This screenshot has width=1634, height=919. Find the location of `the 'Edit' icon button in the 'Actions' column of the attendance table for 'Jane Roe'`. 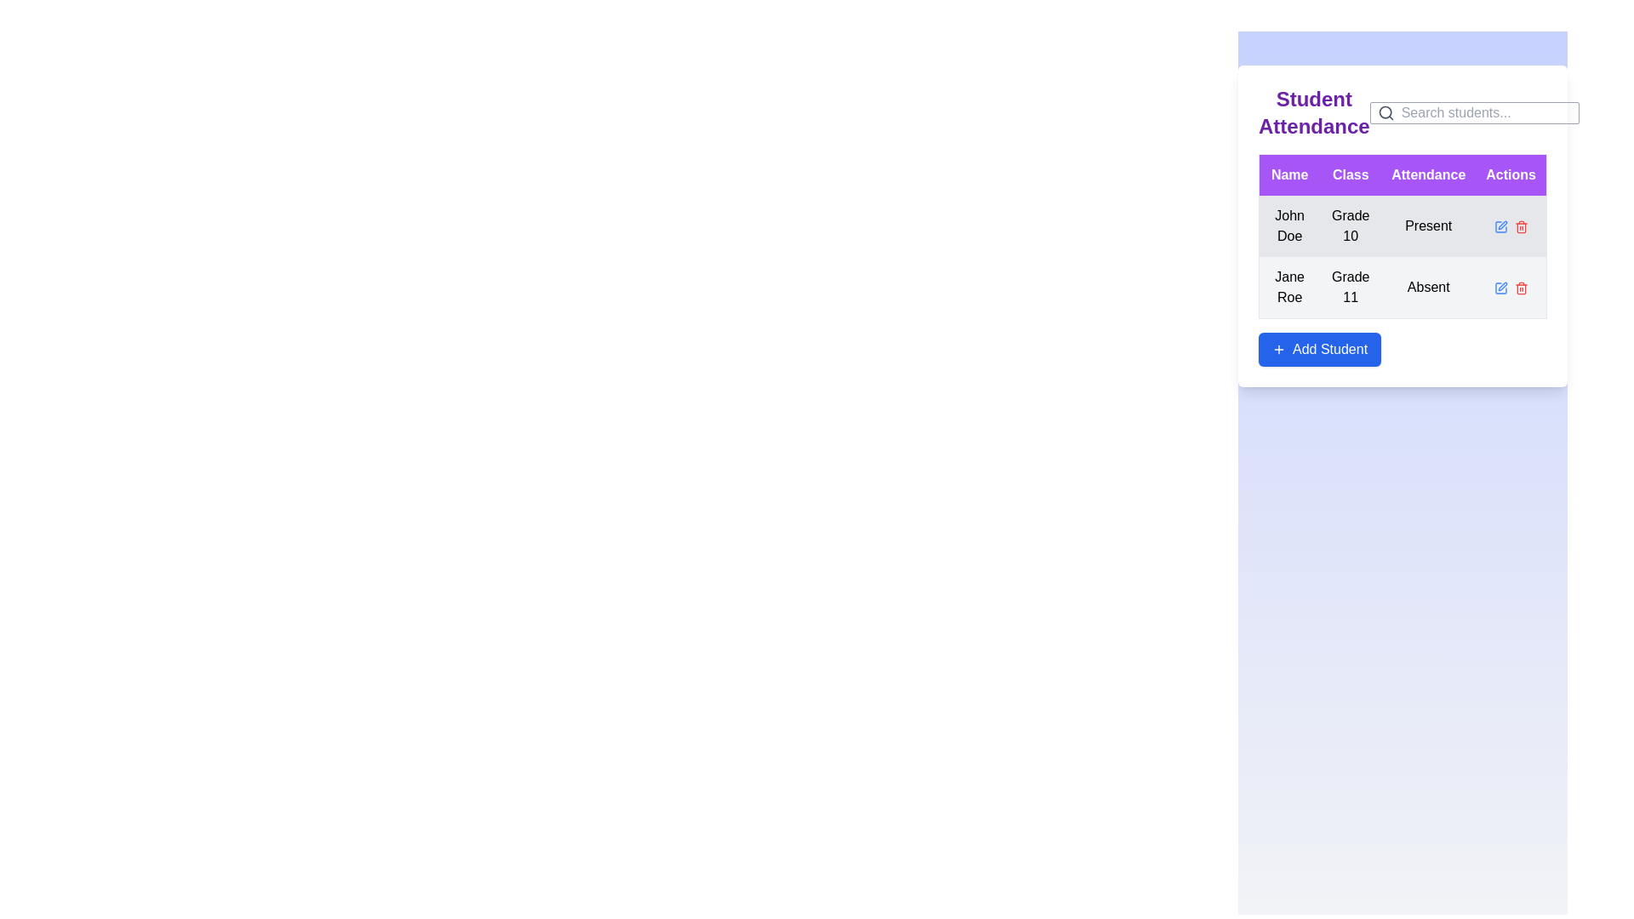

the 'Edit' icon button in the 'Actions' column of the attendance table for 'Jane Roe' is located at coordinates (1500, 287).